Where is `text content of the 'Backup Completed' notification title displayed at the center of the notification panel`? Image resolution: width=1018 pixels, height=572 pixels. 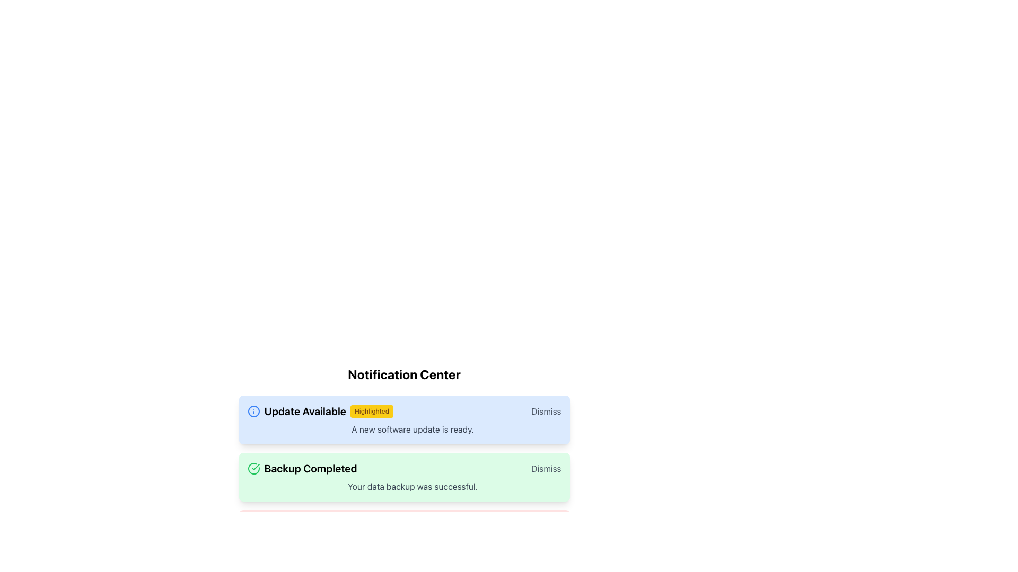 text content of the 'Backup Completed' notification title displayed at the center of the notification panel is located at coordinates (310, 468).